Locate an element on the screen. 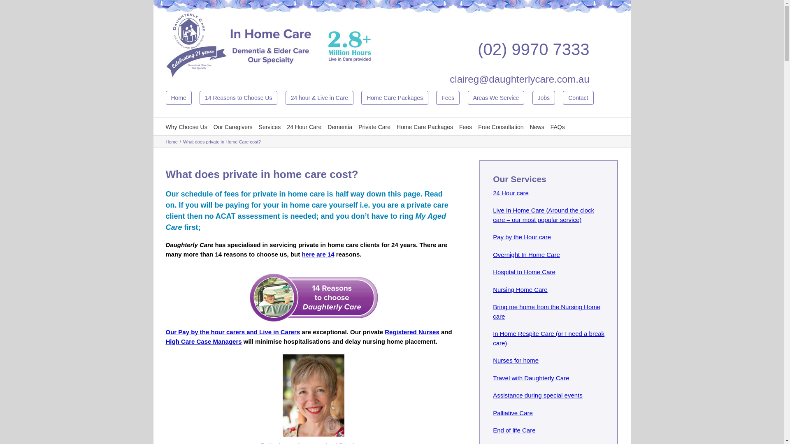  'Jobs' is located at coordinates (532, 97).